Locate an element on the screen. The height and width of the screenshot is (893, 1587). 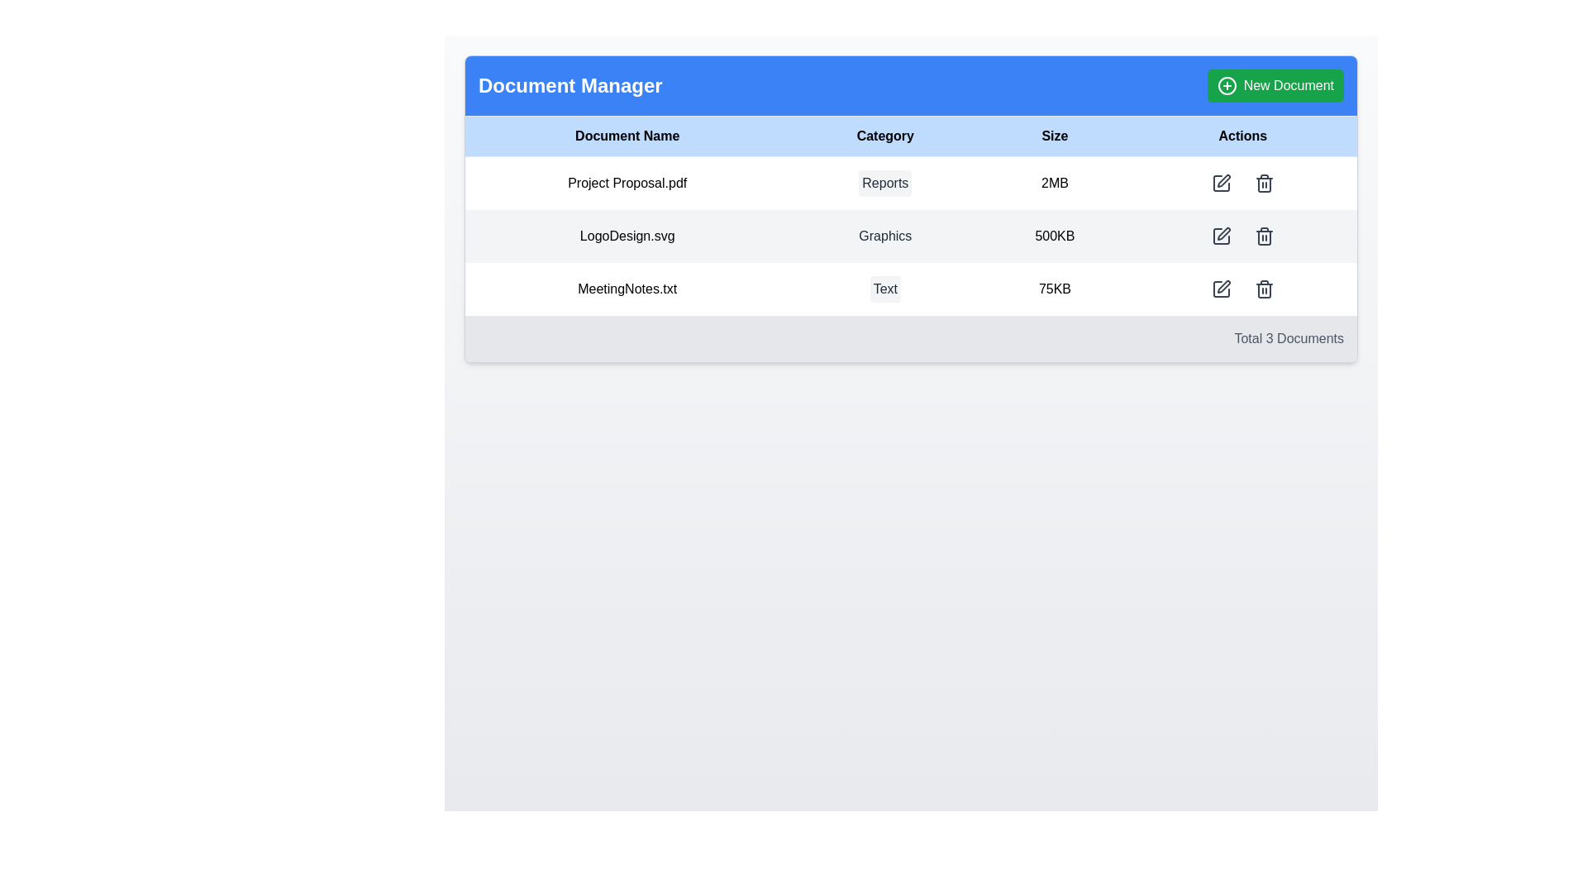
the trash icon located is located at coordinates (1263, 289).